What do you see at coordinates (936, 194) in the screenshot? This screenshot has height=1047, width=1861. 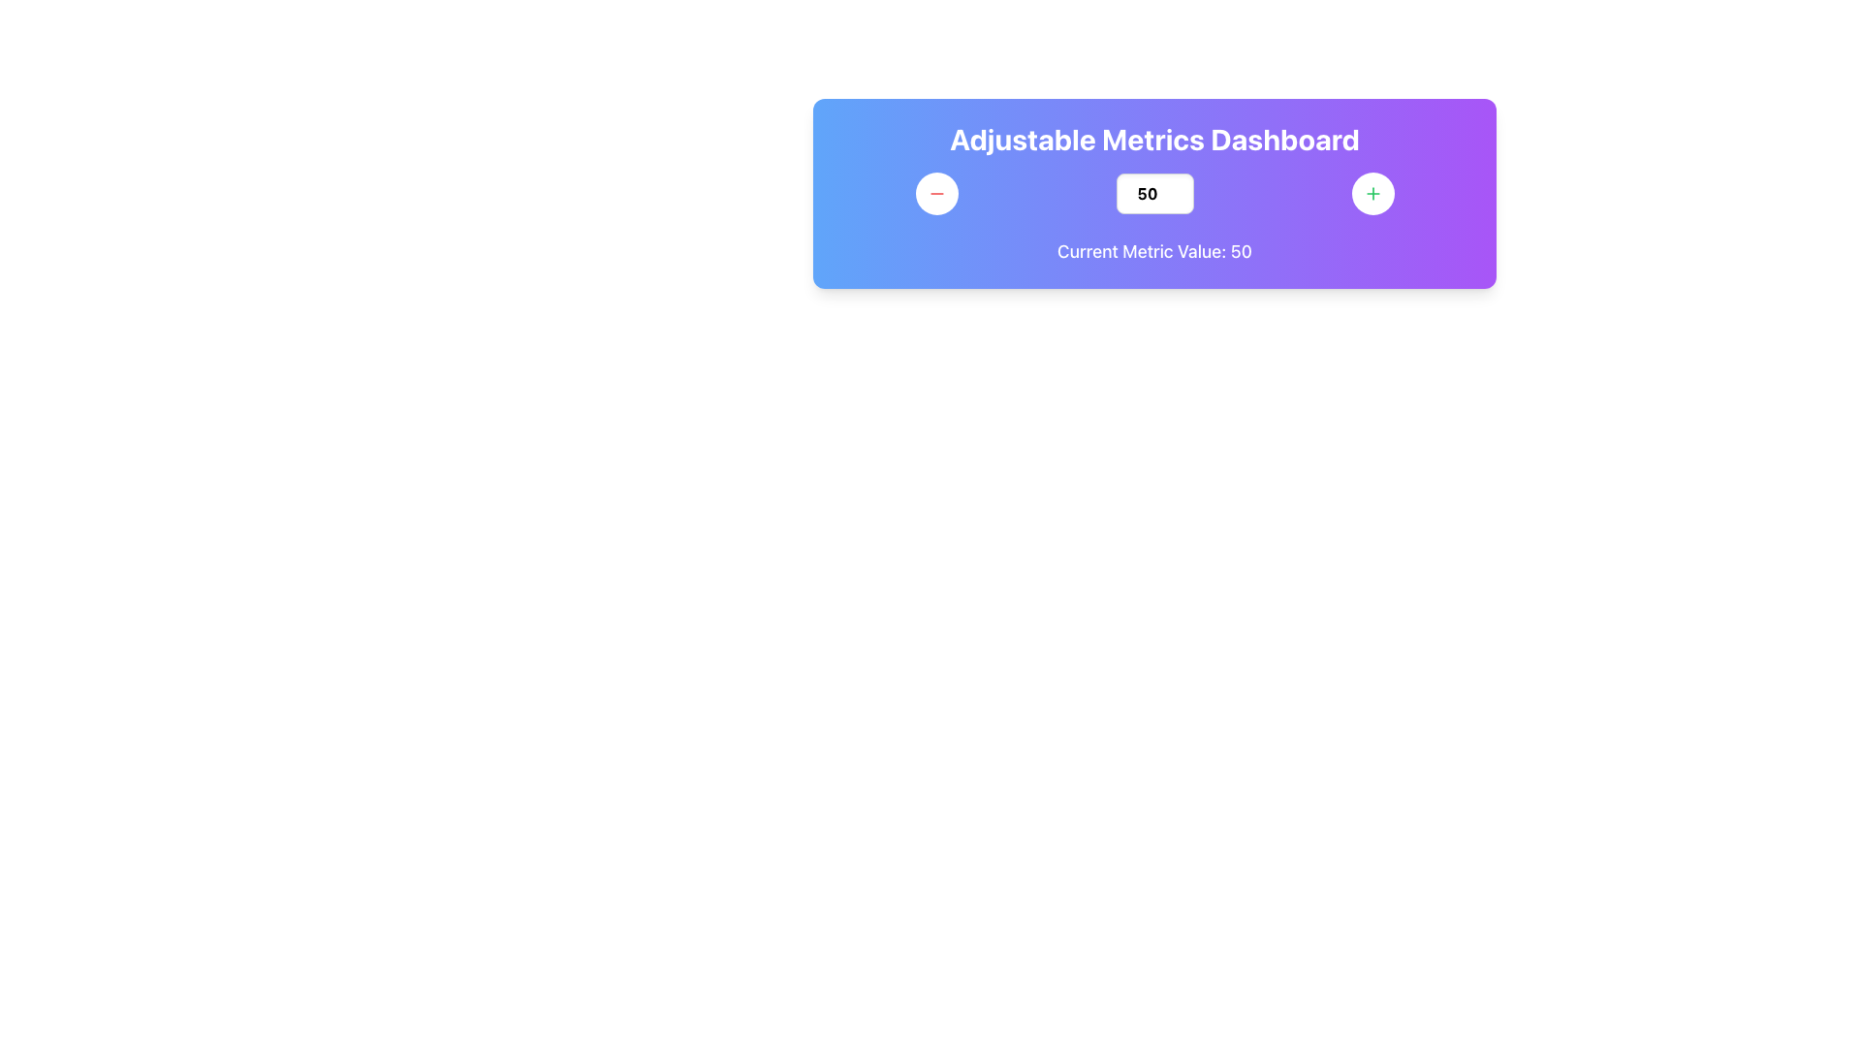 I see `the small circular button with a white background and a red minus icon to decrease the value` at bounding box center [936, 194].